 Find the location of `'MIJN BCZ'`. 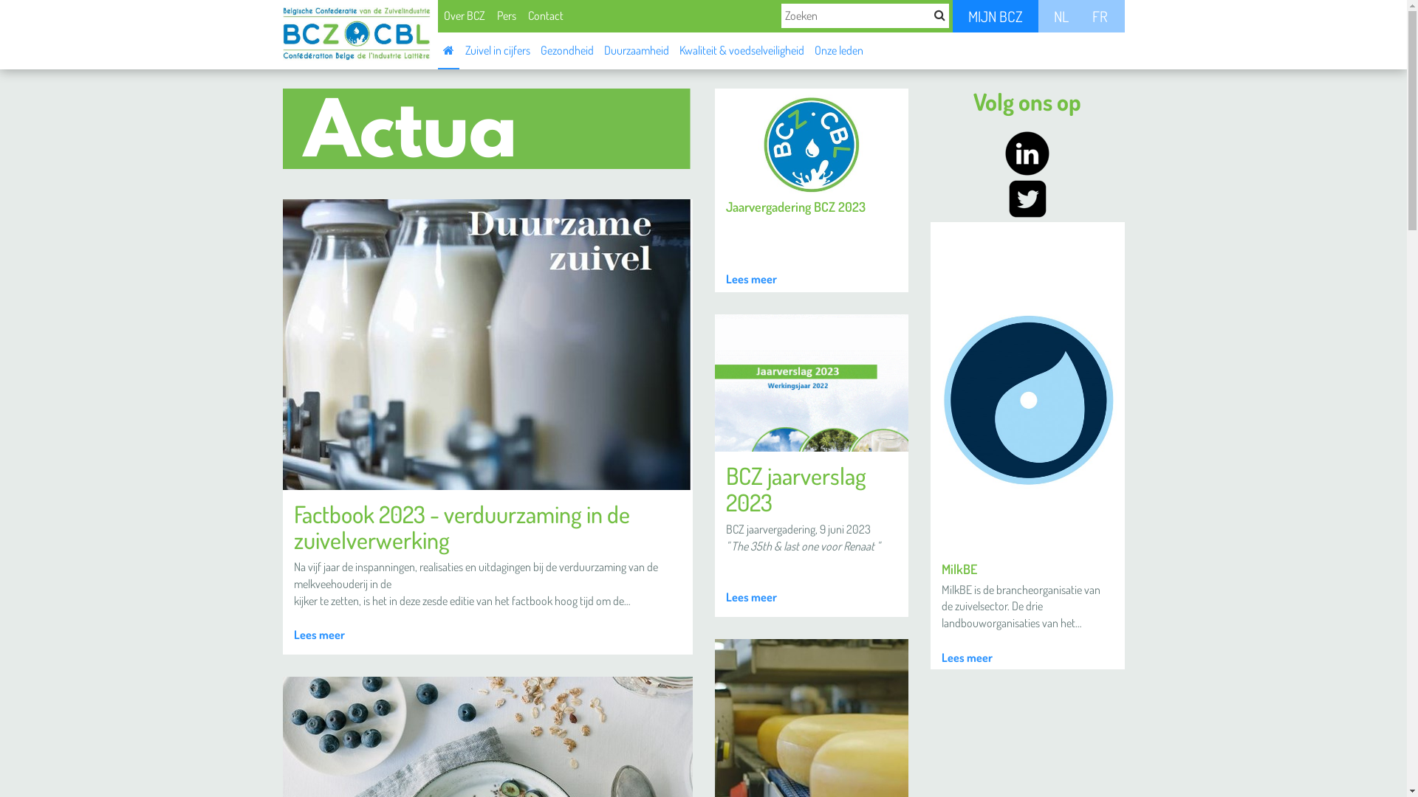

'MIJN BCZ' is located at coordinates (996, 16).